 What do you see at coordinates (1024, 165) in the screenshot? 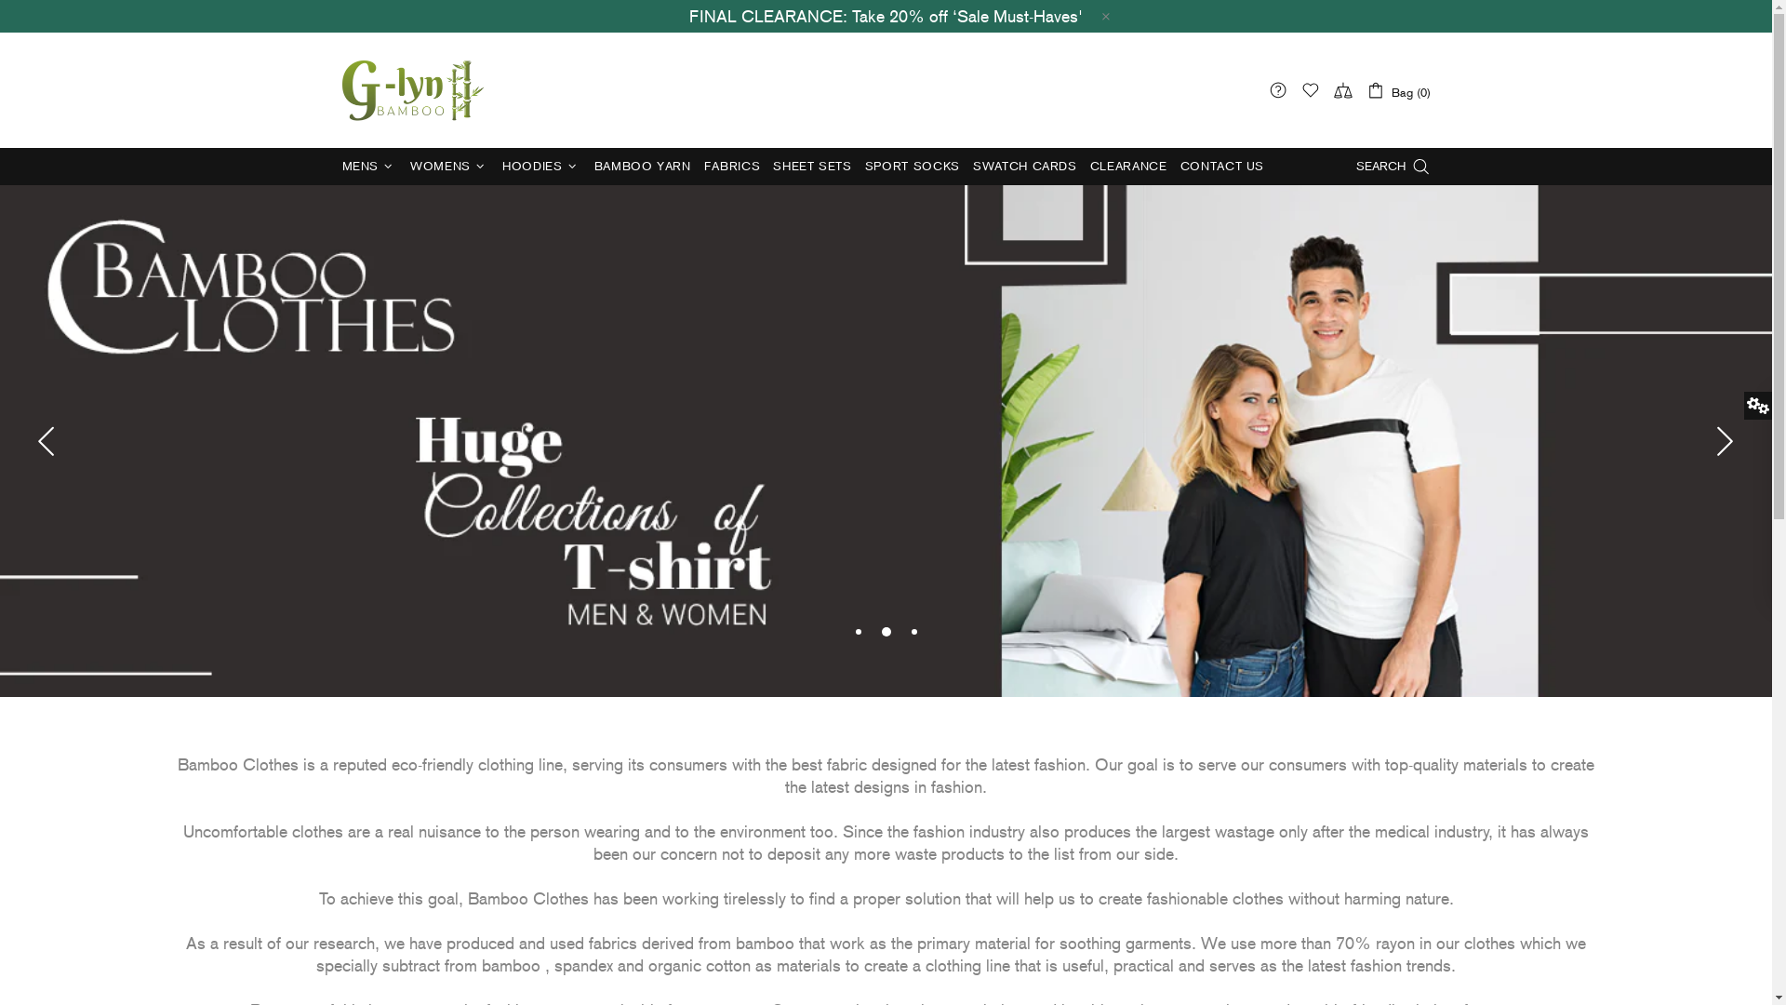
I see `'SWATCH CARDS'` at bounding box center [1024, 165].